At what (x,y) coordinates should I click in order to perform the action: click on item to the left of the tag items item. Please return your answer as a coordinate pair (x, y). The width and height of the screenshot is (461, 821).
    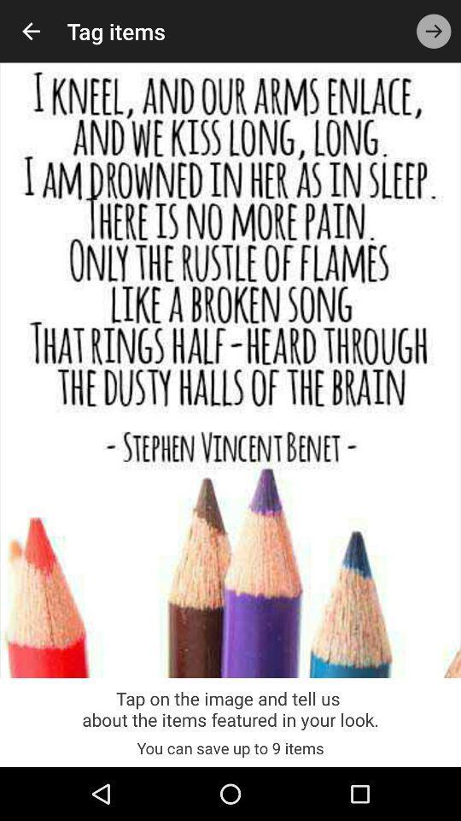
    Looking at the image, I should click on (31, 30).